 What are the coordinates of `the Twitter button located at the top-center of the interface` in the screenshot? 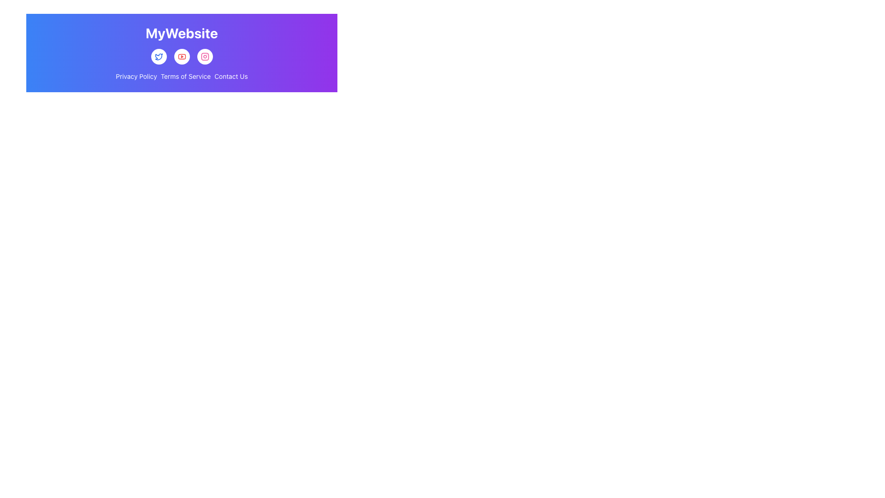 It's located at (159, 57).